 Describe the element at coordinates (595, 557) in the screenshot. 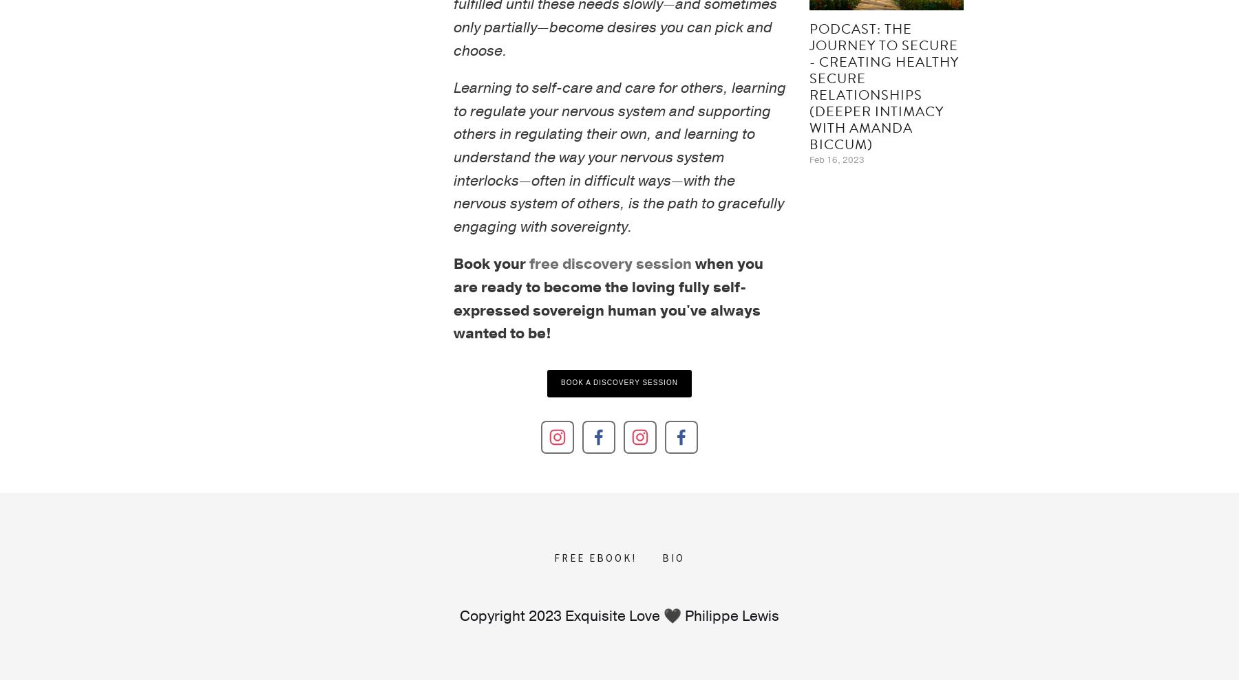

I see `'Free eBook!'` at that location.